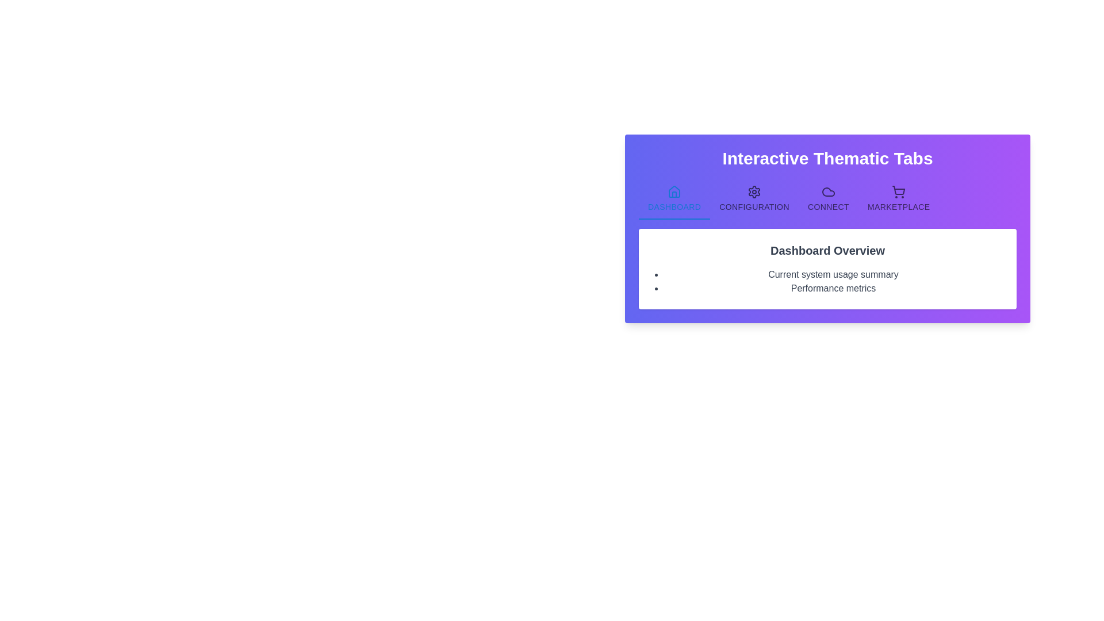 The width and height of the screenshot is (1104, 621). I want to click on the 'MARKETPLACE' tab button, which is the last tab in the horizontal list of 'Interactive Thematic Tabs' and features a shopping cart icon above the label, so click(898, 198).